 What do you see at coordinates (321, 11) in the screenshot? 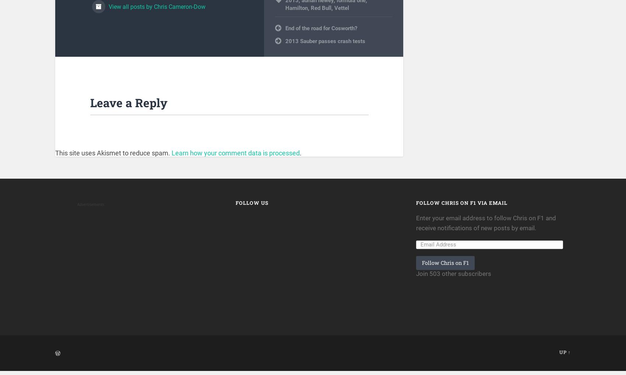
I see `'Red Bull'` at bounding box center [321, 11].